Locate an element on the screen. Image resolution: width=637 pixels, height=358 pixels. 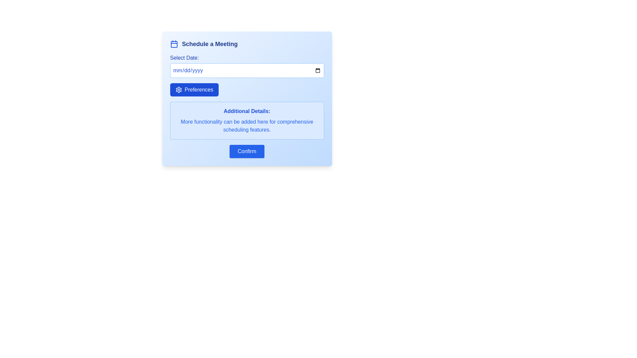
the 'Preferences' button icon is located at coordinates (178, 89).